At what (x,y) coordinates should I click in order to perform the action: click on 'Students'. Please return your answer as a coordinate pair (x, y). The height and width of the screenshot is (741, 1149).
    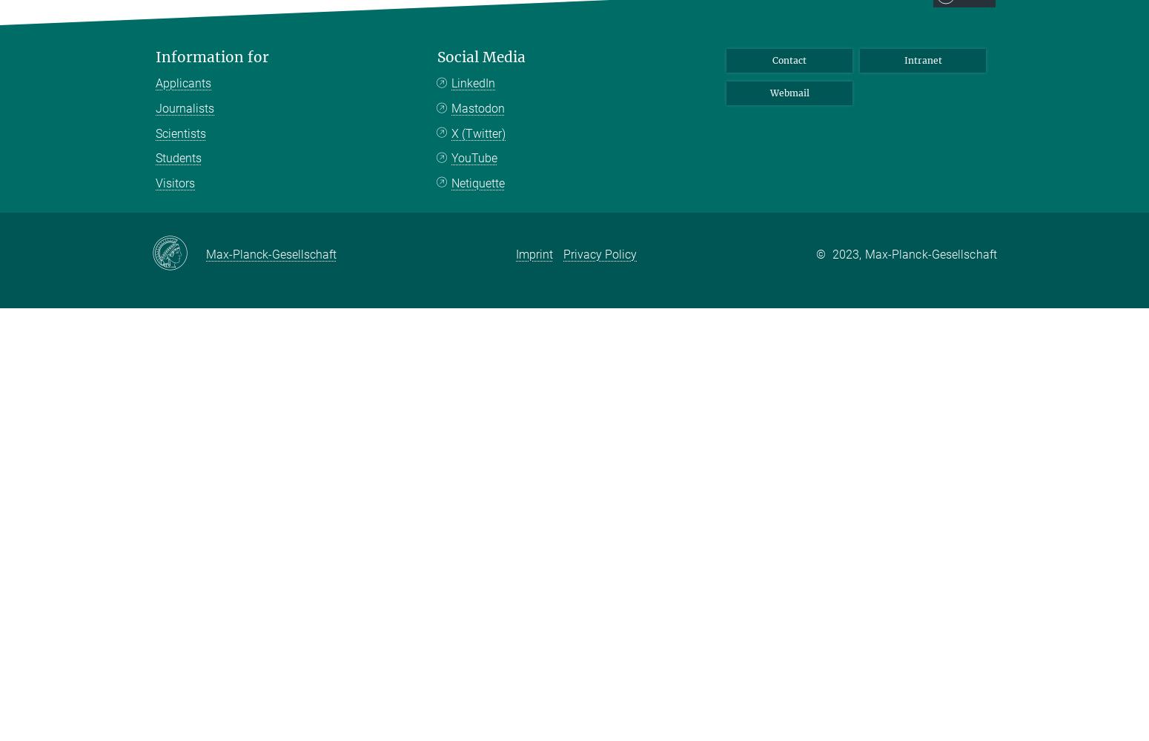
    Looking at the image, I should click on (179, 157).